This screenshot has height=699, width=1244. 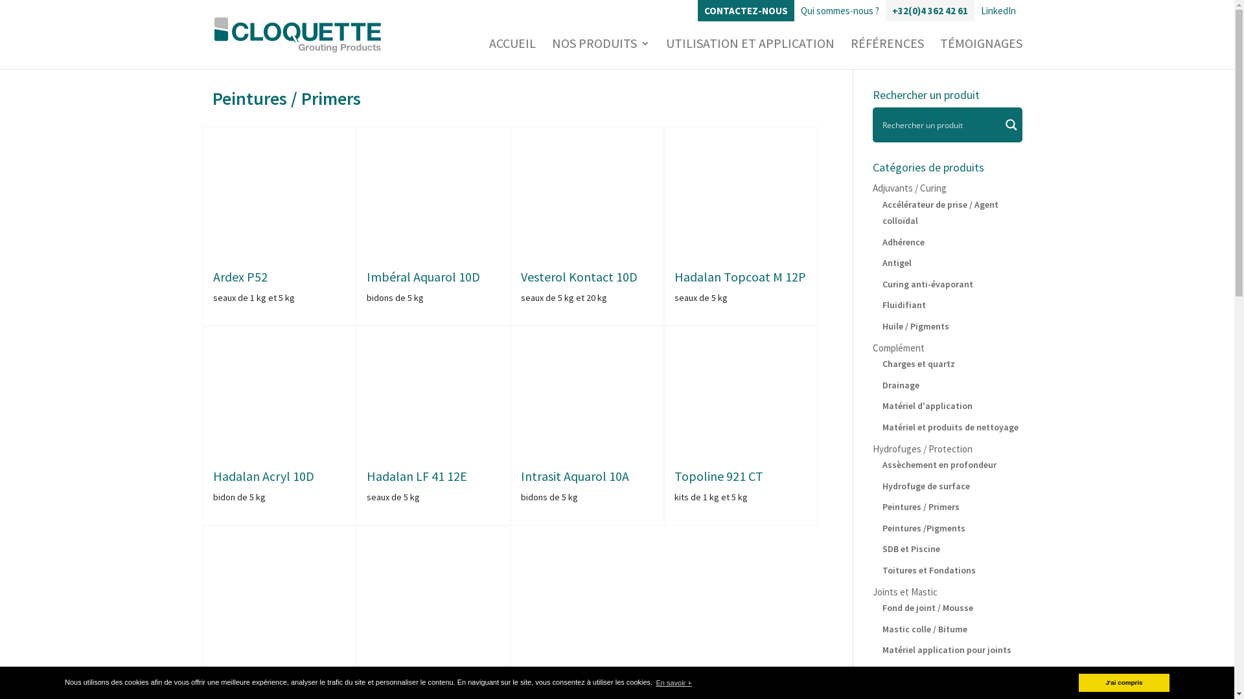 I want to click on 'Fond de joint / Mousse', so click(x=927, y=607).